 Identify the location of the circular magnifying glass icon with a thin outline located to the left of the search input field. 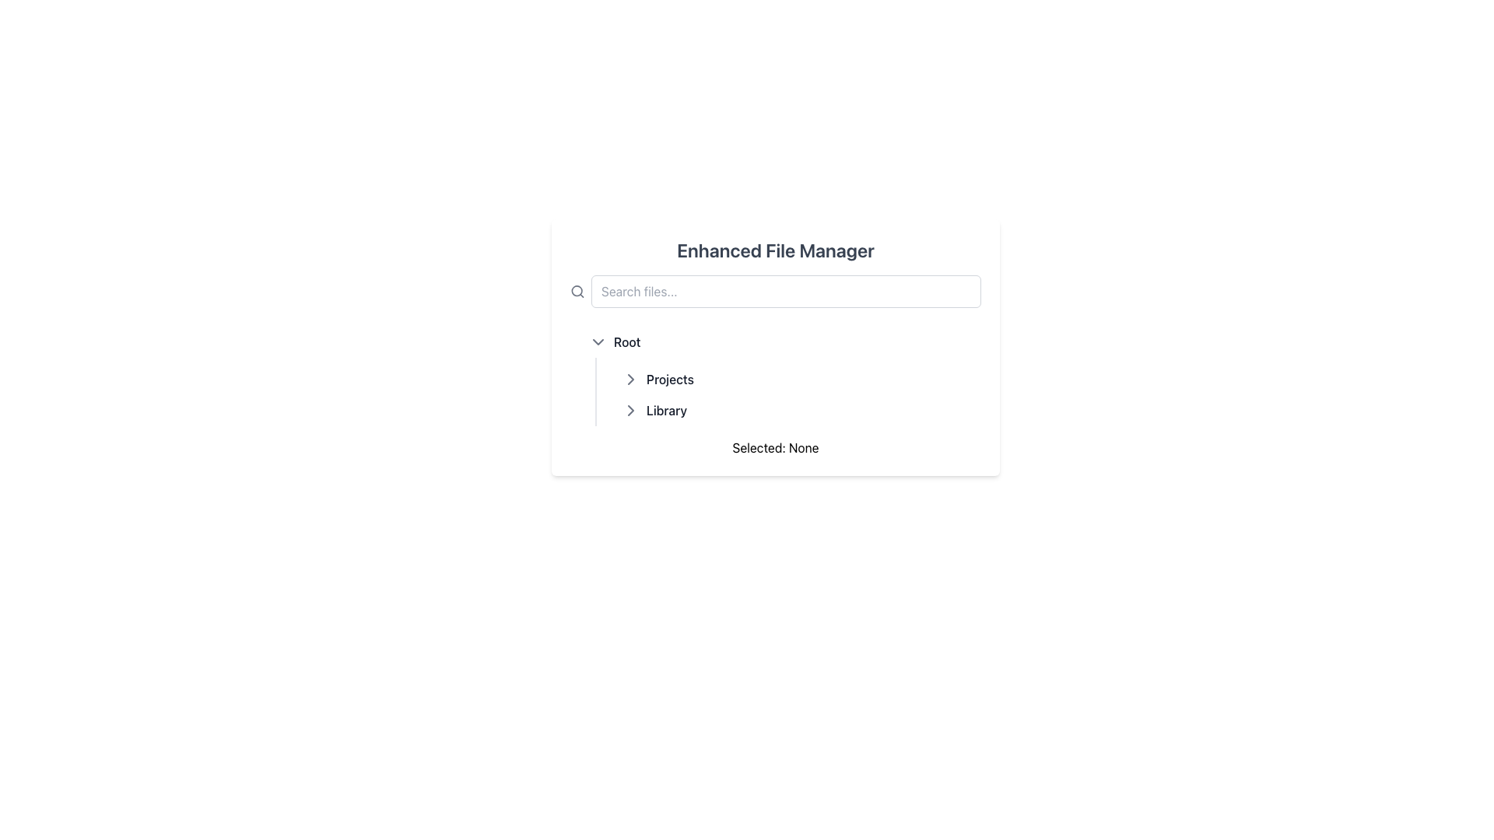
(577, 291).